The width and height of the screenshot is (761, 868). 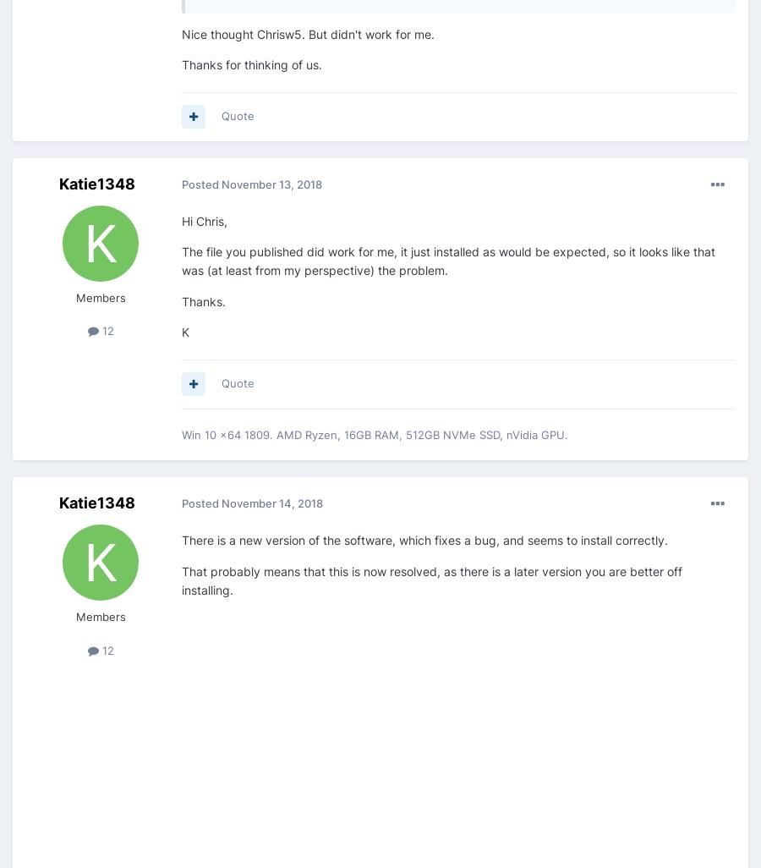 What do you see at coordinates (204, 219) in the screenshot?
I see `'Hi Chris,'` at bounding box center [204, 219].